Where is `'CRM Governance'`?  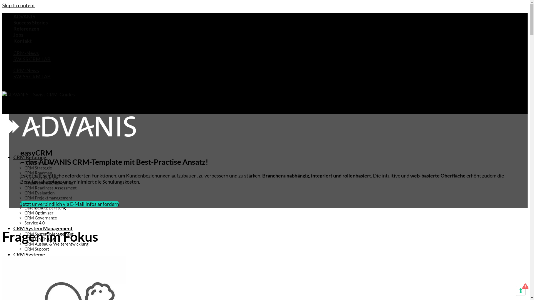
'CRM Governance' is located at coordinates (40, 217).